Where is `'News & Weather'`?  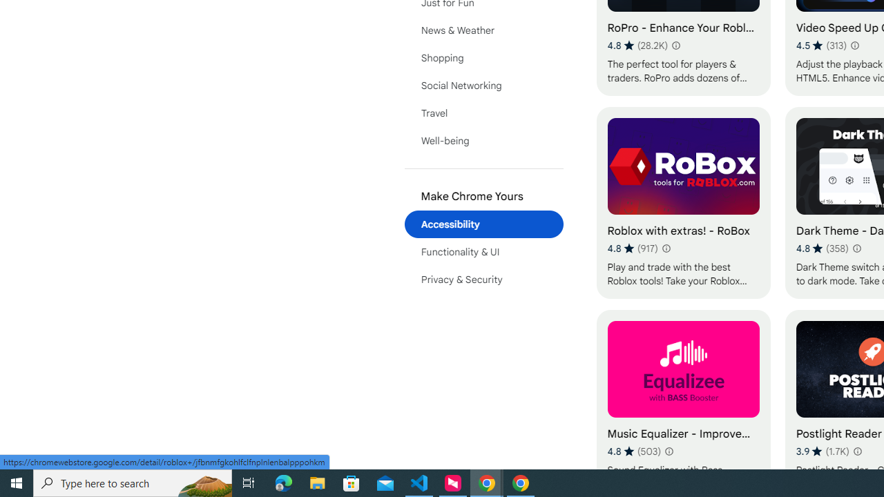
'News & Weather' is located at coordinates (483, 30).